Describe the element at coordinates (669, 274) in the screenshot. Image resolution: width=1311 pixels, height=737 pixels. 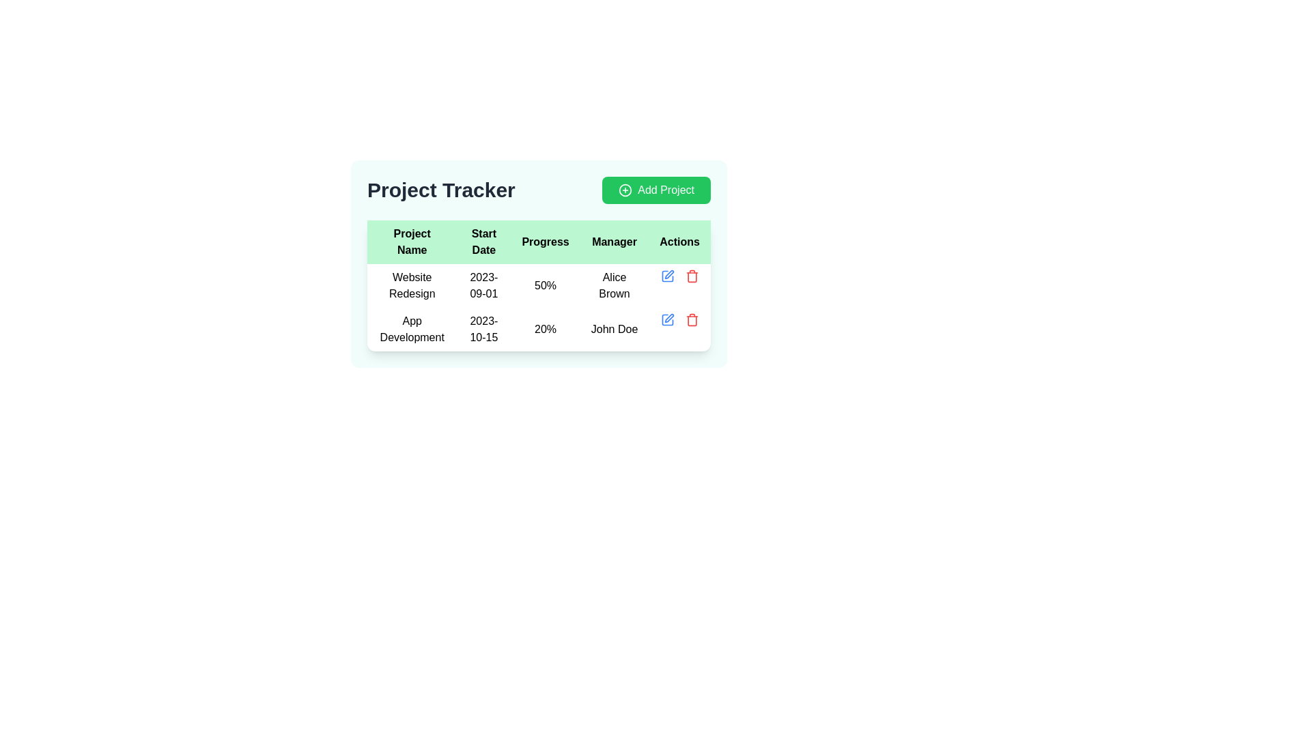
I see `the blue pen-like icon representing an edit action located in the 'Actions' column of the table for the 'App Development' project` at that location.